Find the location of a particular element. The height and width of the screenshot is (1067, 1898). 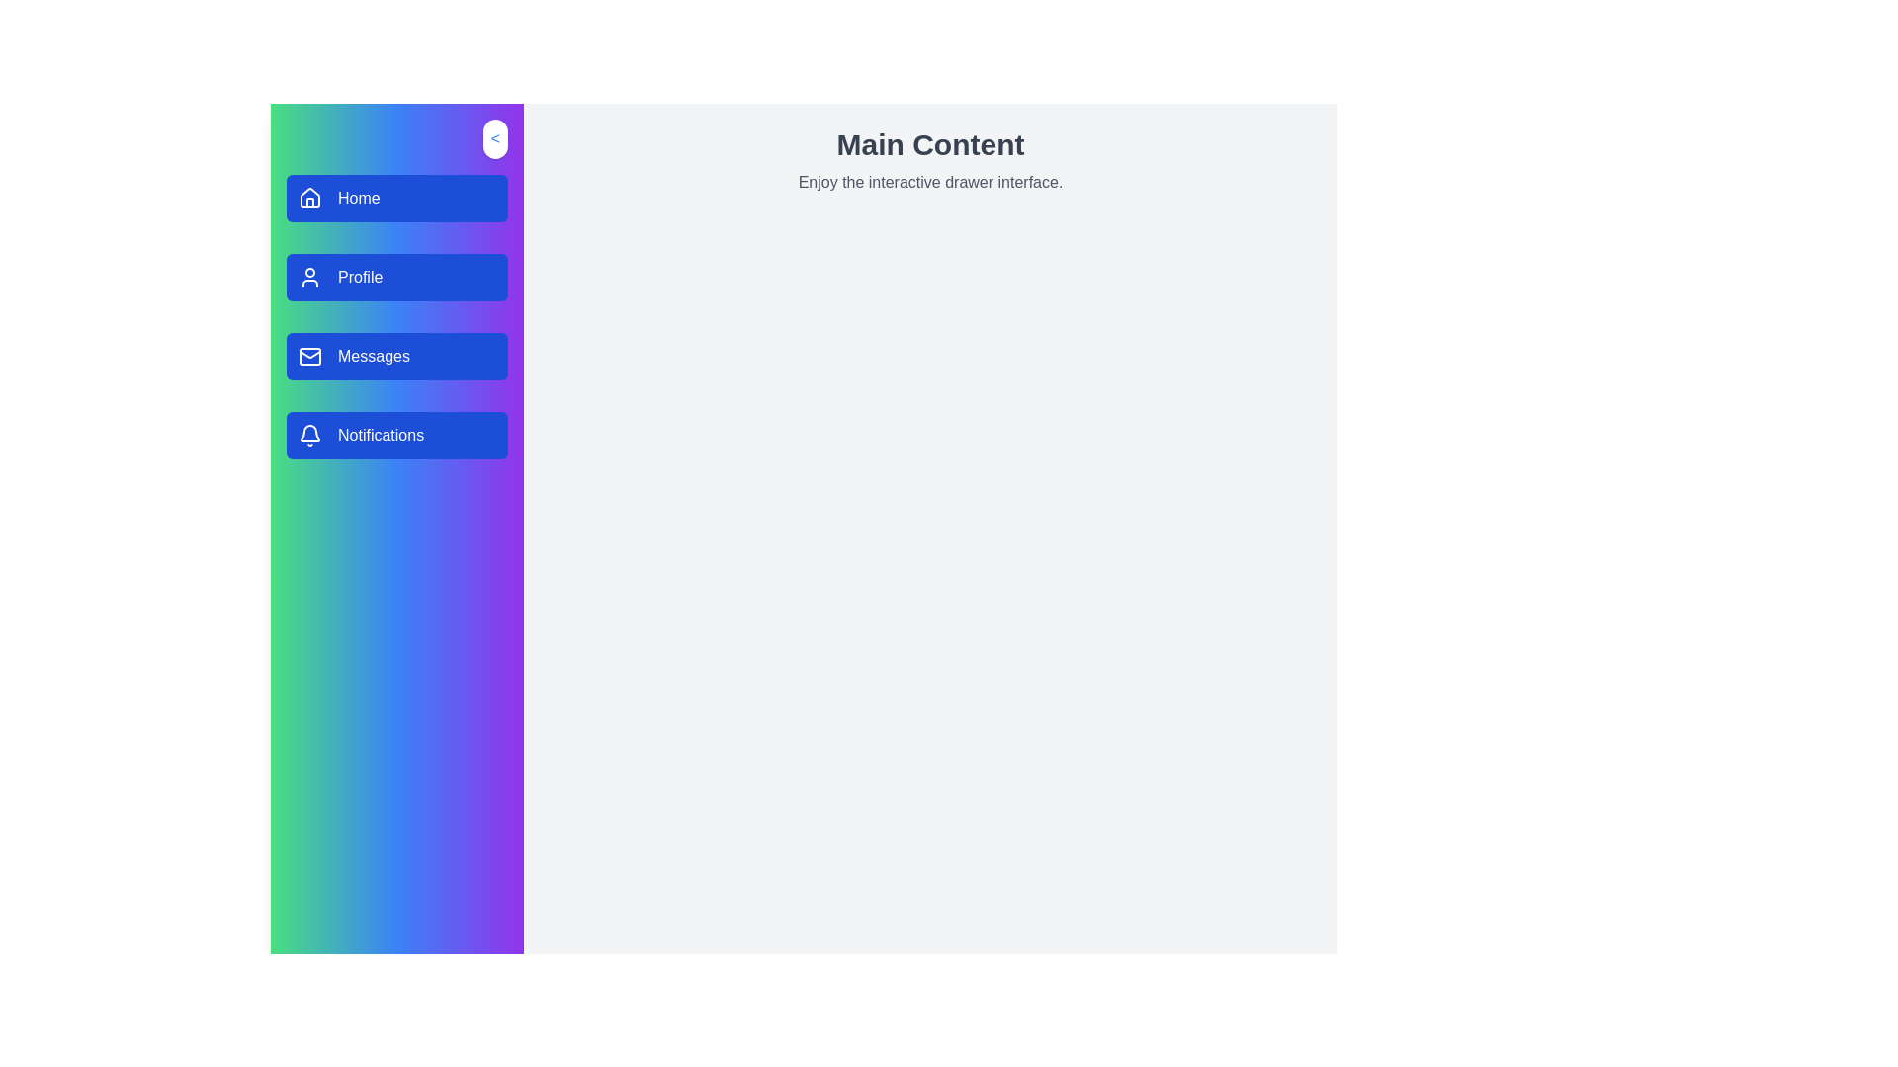

the 'Messages' button located on the sidebar, which contains a mail icon indicating messaging functionalities is located at coordinates (308, 357).